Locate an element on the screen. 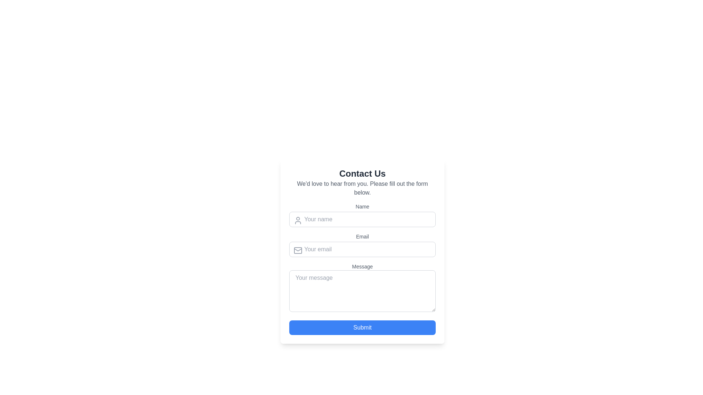  inside the email input field, which is styled with rounded borders and has a placeholder reading 'Your email', to type an email address is located at coordinates (362, 249).